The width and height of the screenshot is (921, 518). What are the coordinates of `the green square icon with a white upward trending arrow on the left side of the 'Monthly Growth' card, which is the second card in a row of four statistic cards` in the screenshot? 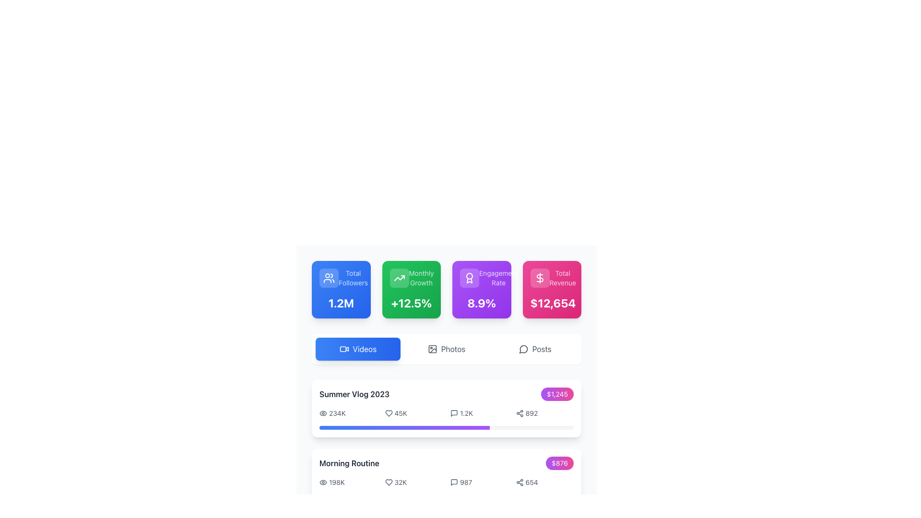 It's located at (399, 278).